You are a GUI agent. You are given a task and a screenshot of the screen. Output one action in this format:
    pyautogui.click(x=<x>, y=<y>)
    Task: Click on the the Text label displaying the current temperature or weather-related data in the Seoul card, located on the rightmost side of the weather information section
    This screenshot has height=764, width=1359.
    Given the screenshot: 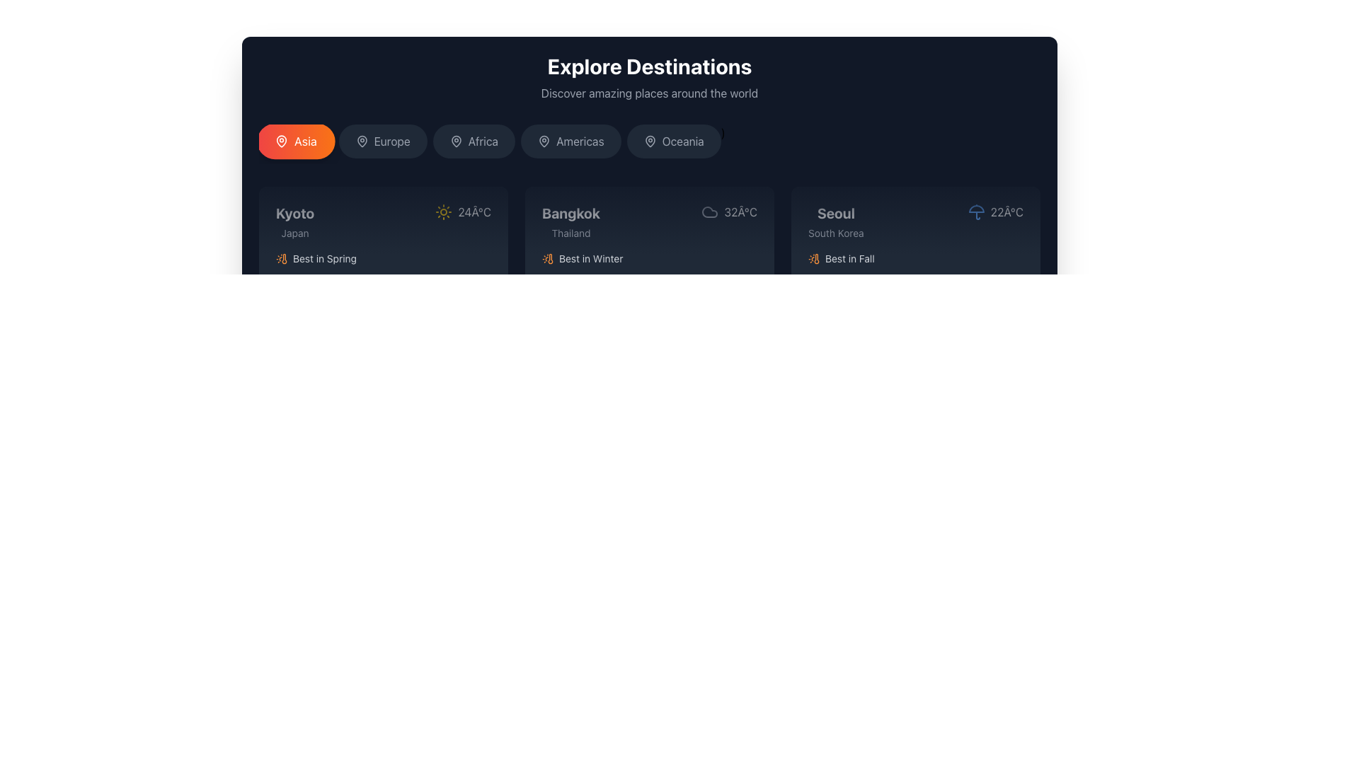 What is the action you would take?
    pyautogui.click(x=1006, y=212)
    